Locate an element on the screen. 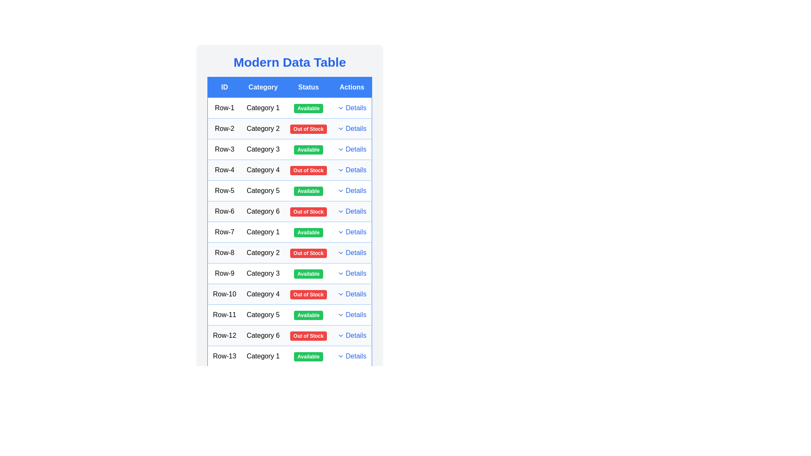  the table header Actions to sort or filter the column is located at coordinates (352, 87).